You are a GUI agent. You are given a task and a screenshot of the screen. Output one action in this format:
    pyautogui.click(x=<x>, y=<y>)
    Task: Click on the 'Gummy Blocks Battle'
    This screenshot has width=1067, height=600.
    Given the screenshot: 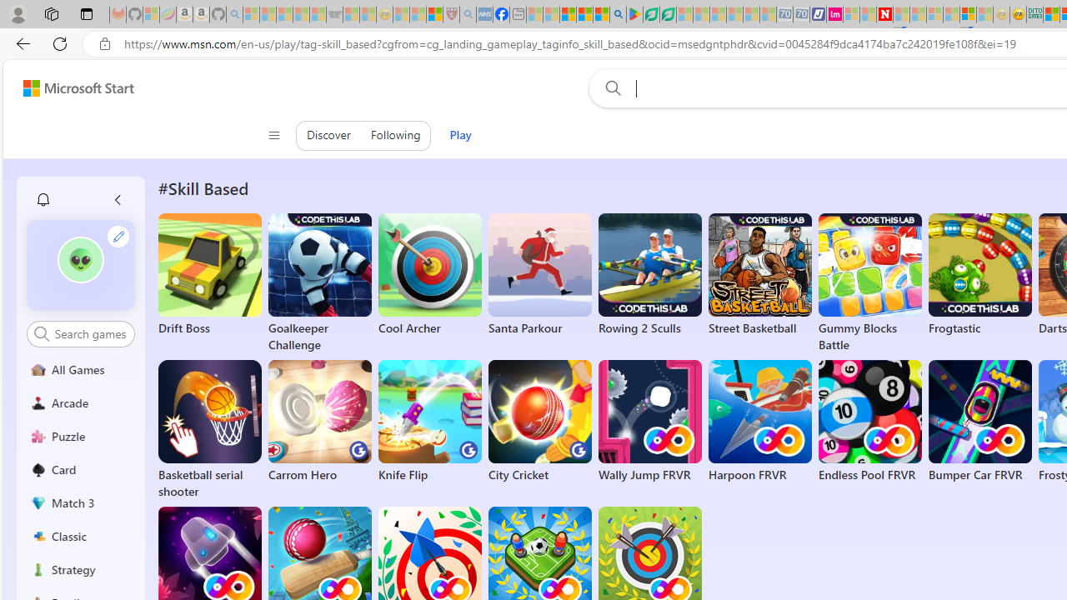 What is the action you would take?
    pyautogui.click(x=869, y=282)
    